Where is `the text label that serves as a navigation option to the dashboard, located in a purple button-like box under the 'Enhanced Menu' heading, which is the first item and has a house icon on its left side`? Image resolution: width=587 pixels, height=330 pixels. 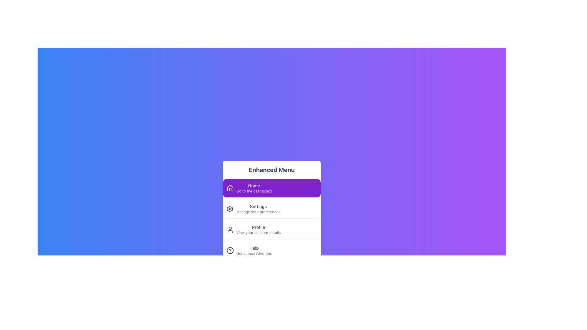
the text label that serves as a navigation option to the dashboard, located in a purple button-like box under the 'Enhanced Menu' heading, which is the first item and has a house icon on its left side is located at coordinates (254, 188).